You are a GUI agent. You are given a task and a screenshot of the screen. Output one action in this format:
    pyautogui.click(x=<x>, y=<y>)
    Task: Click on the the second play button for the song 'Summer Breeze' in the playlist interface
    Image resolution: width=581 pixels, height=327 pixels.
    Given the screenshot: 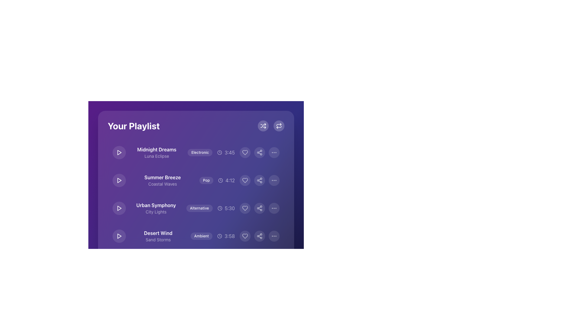 What is the action you would take?
    pyautogui.click(x=119, y=180)
    